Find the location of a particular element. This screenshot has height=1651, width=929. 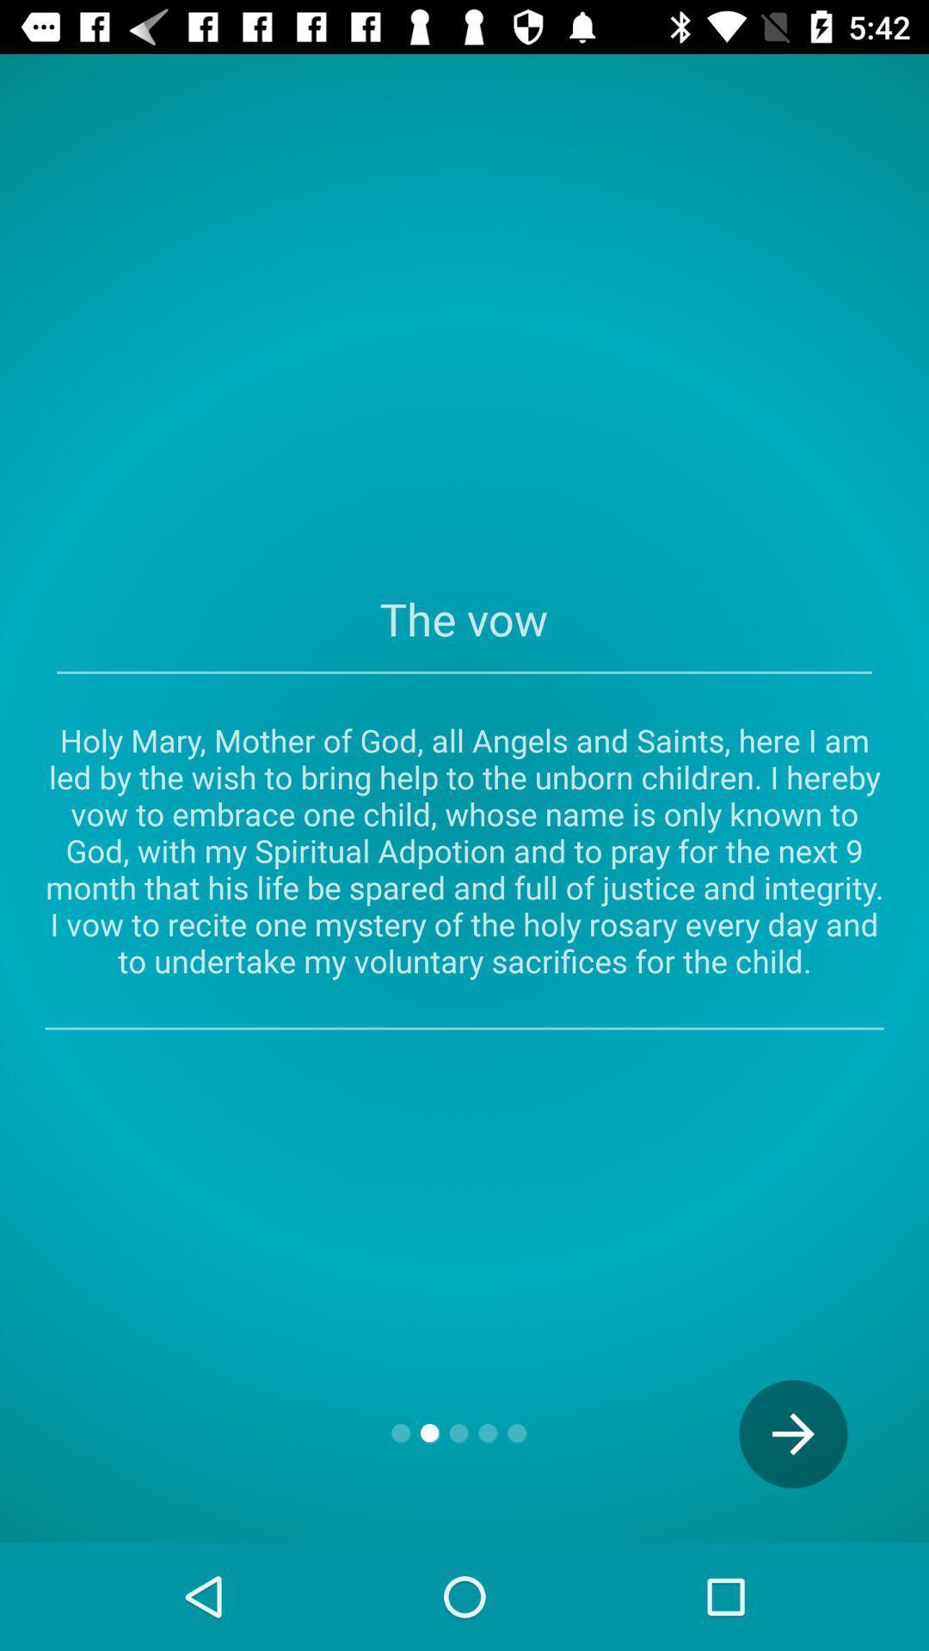

the arrow_forward icon is located at coordinates (793, 1433).